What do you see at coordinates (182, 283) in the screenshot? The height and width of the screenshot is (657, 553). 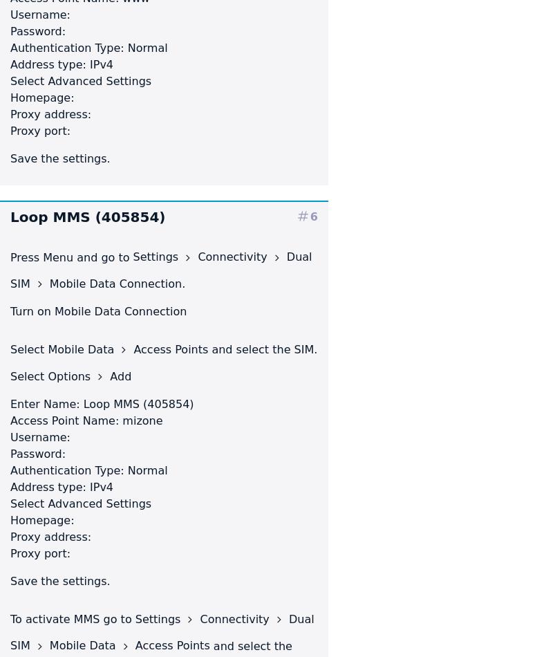 I see `'.'` at bounding box center [182, 283].